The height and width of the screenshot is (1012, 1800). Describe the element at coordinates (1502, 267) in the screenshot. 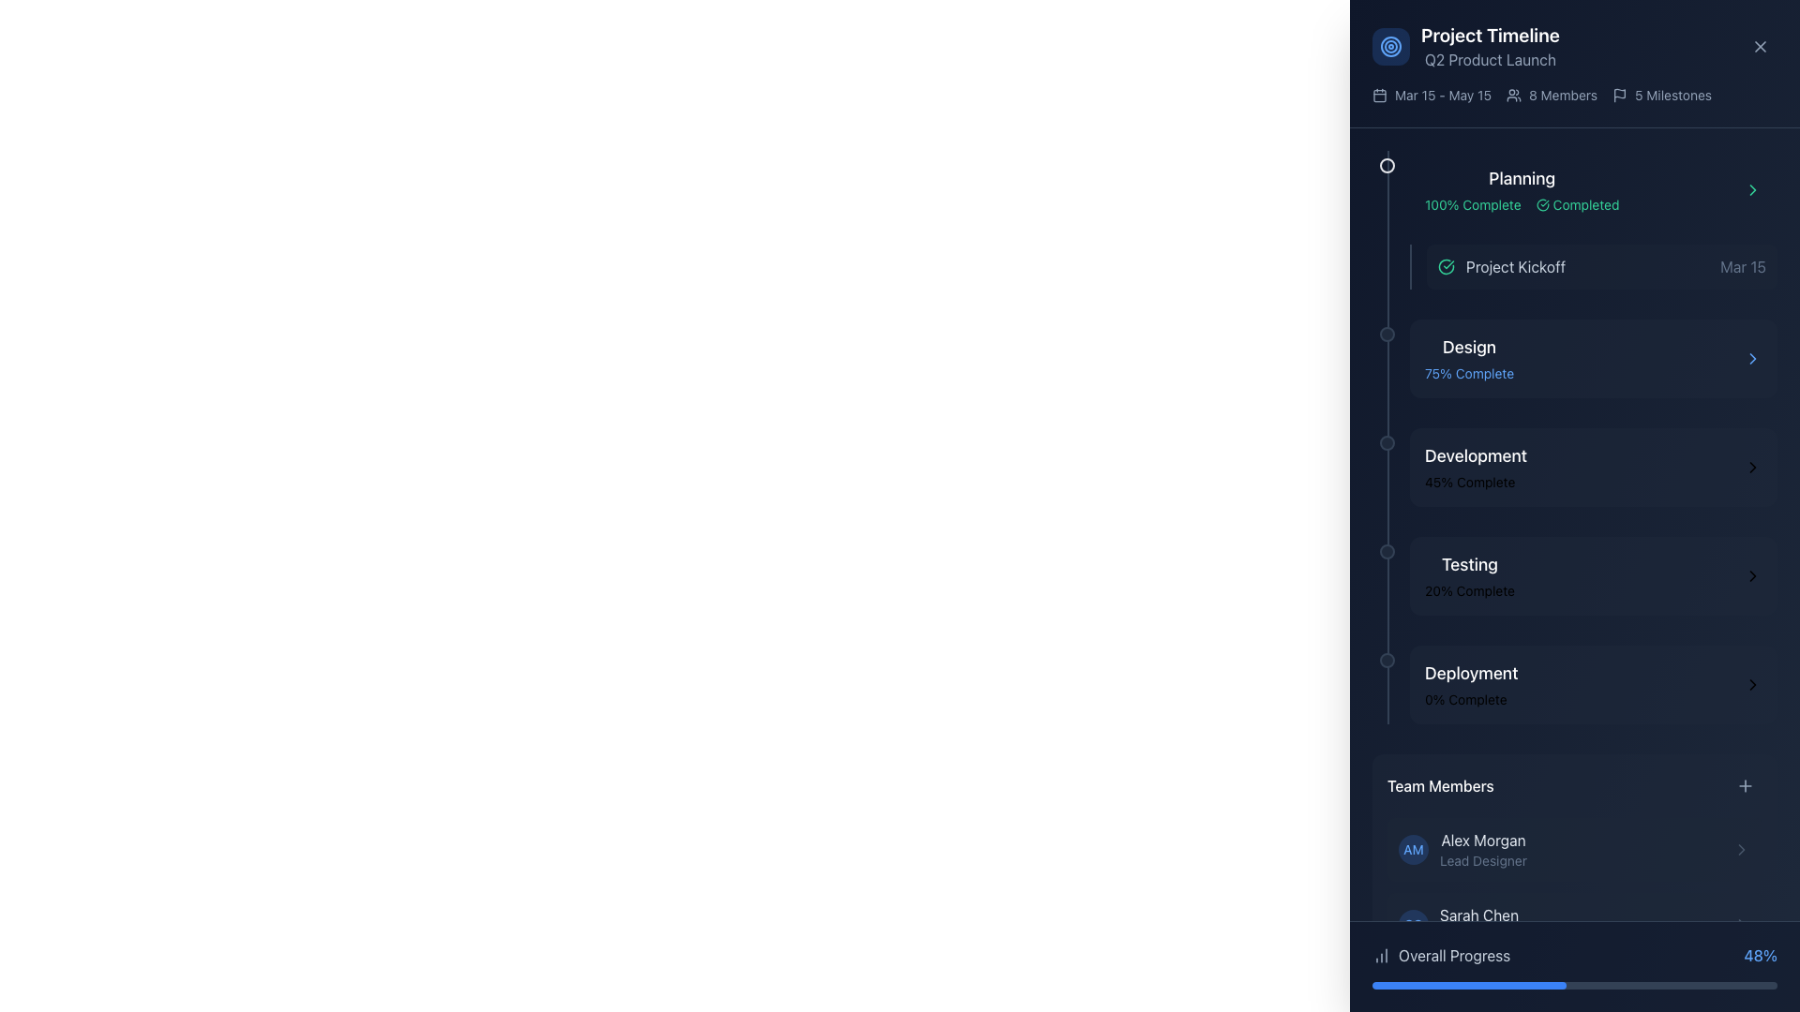

I see `the 'Project Kickoff' label with a green checkmark in the 'Planning' section of the timeline interface` at that location.